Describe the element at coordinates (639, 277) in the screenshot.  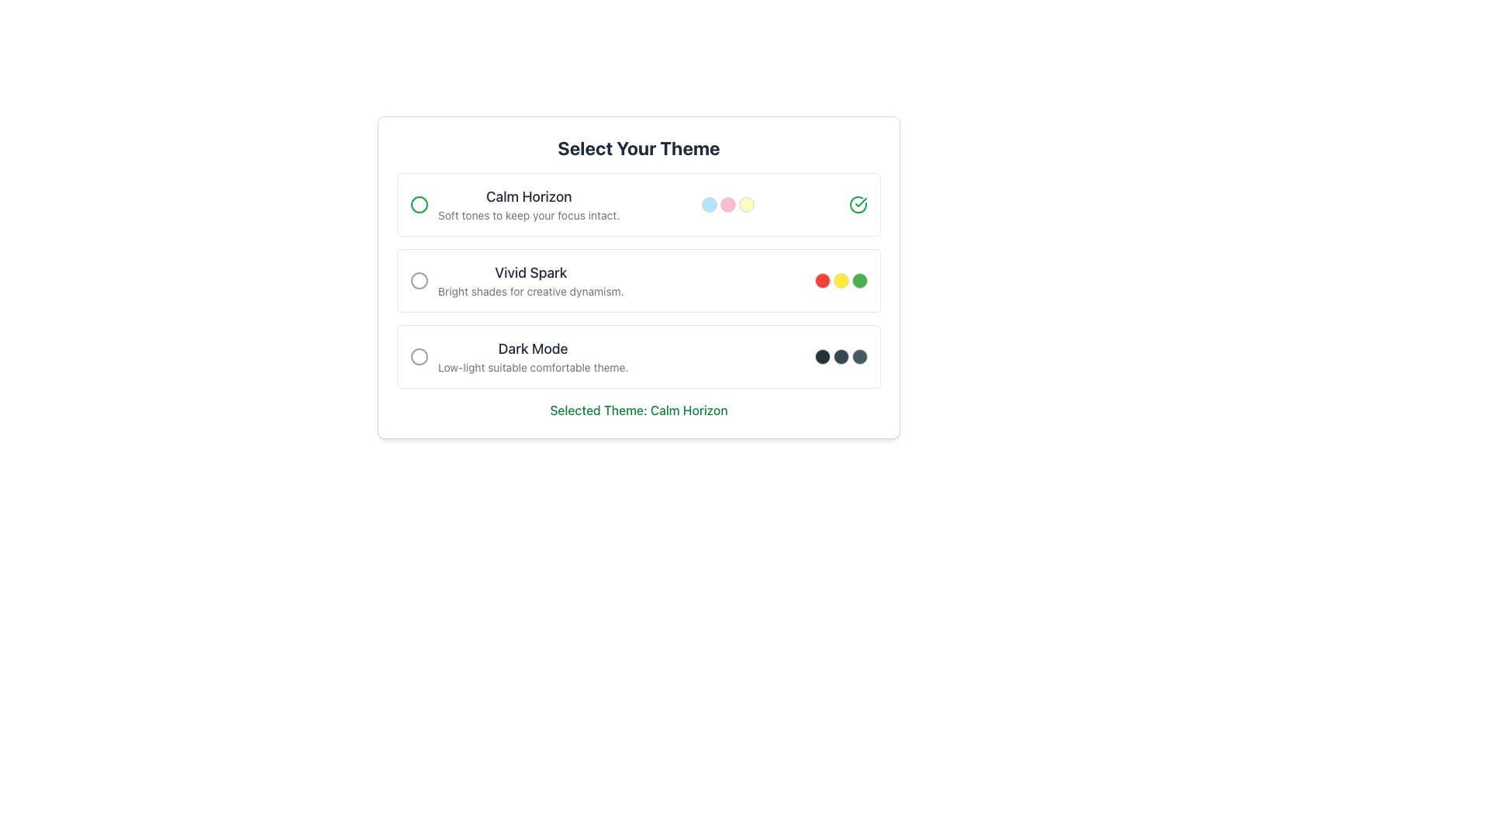
I see `the second selection card in the vertically arranged list` at that location.